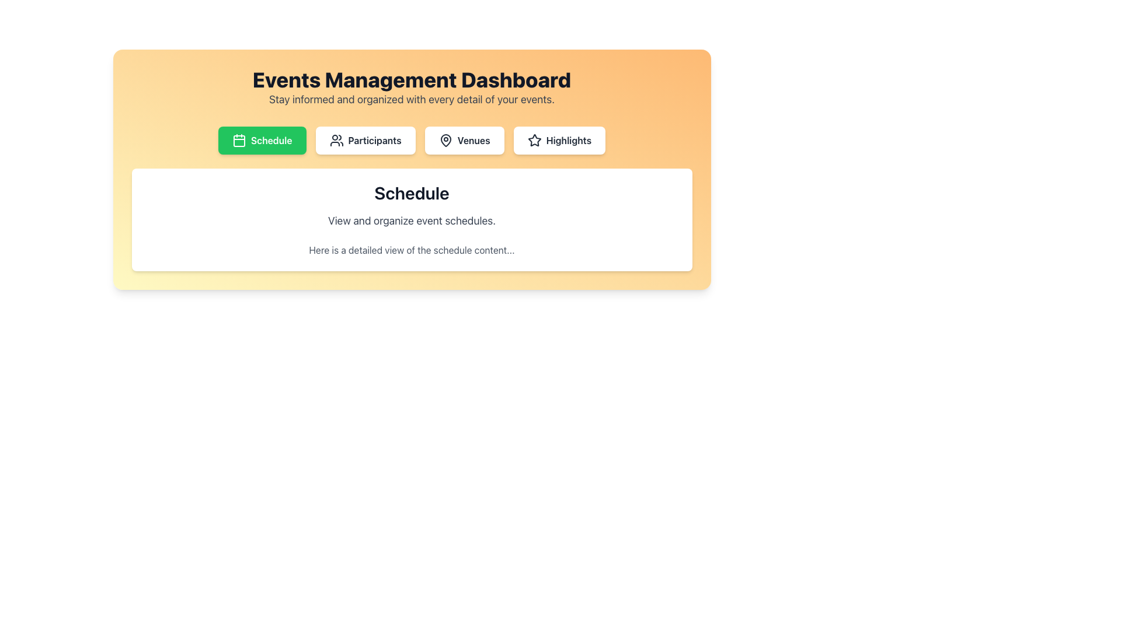 This screenshot has height=630, width=1121. Describe the element at coordinates (445, 139) in the screenshot. I see `the 'Venues' button which contains the Map Pin boundary icon, located at the center of the button` at that location.